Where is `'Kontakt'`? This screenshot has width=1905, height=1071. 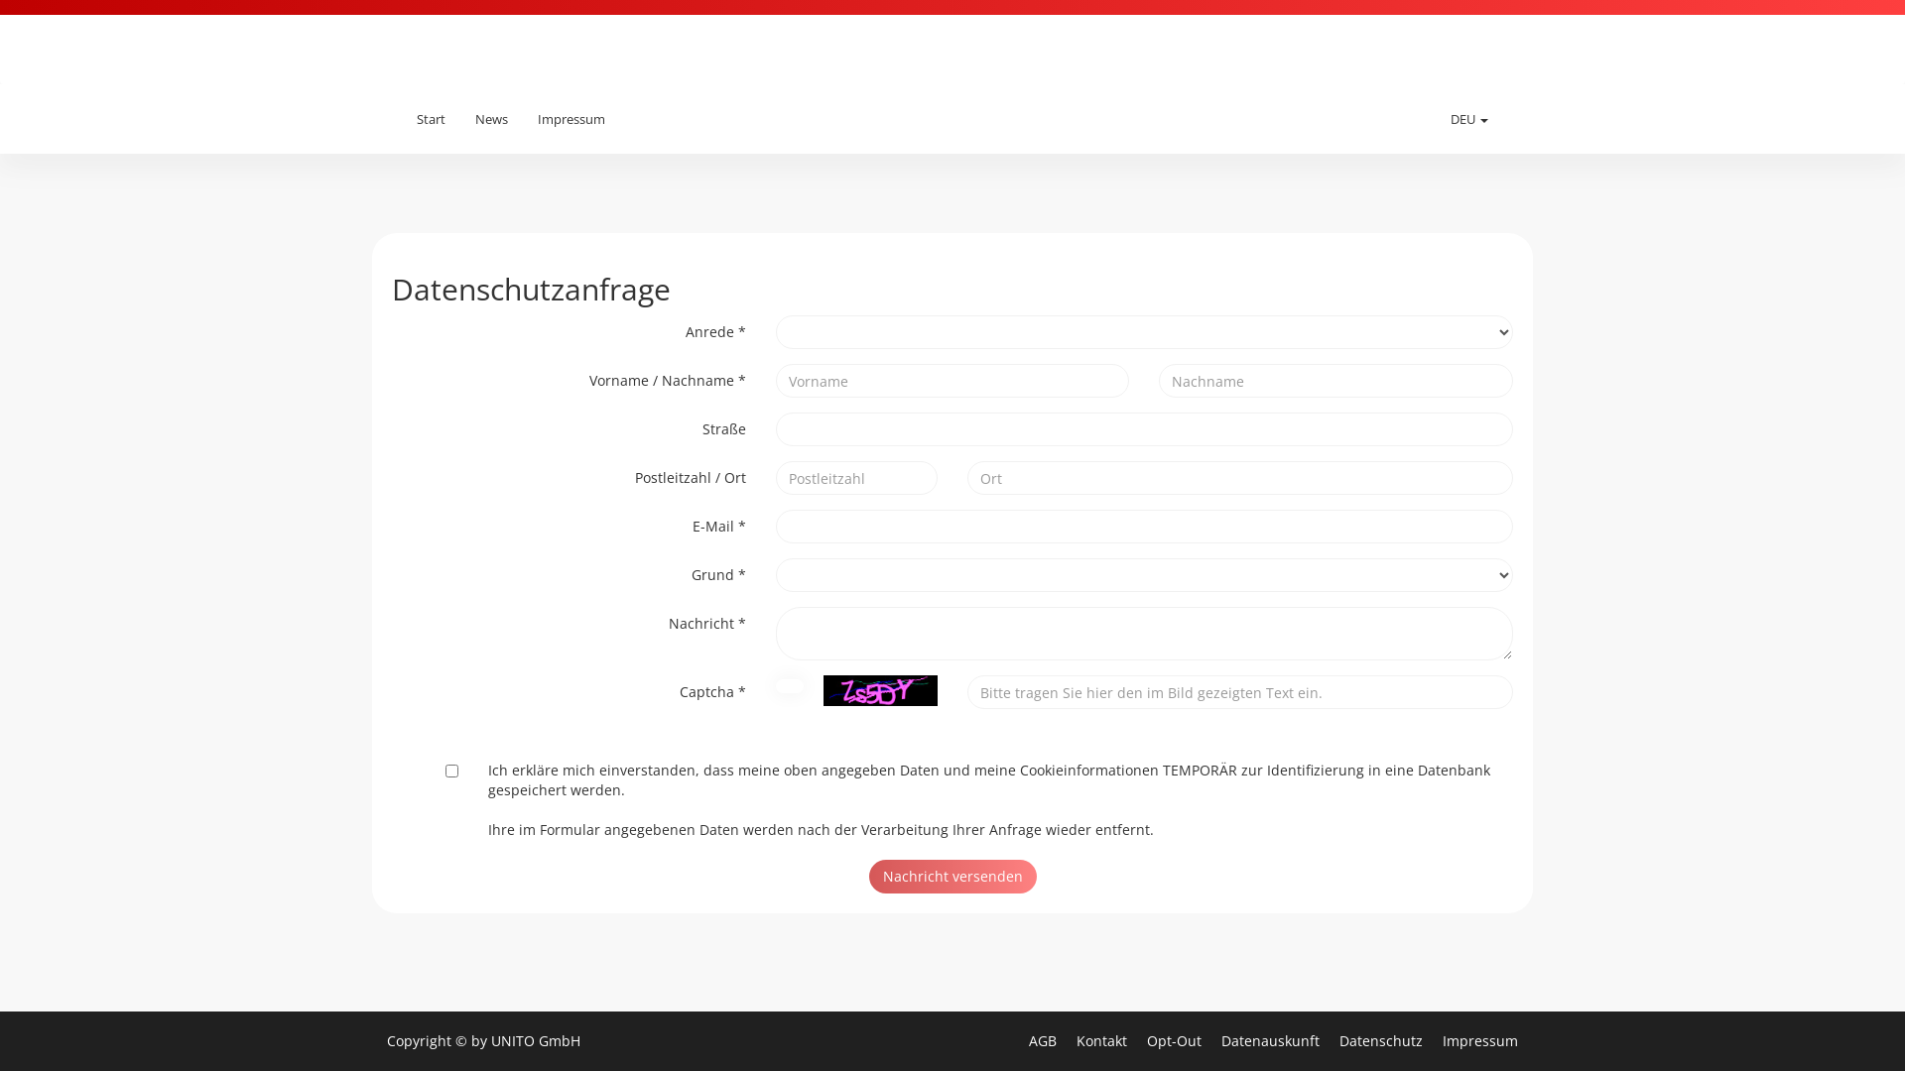
'Kontakt' is located at coordinates (1102, 1039).